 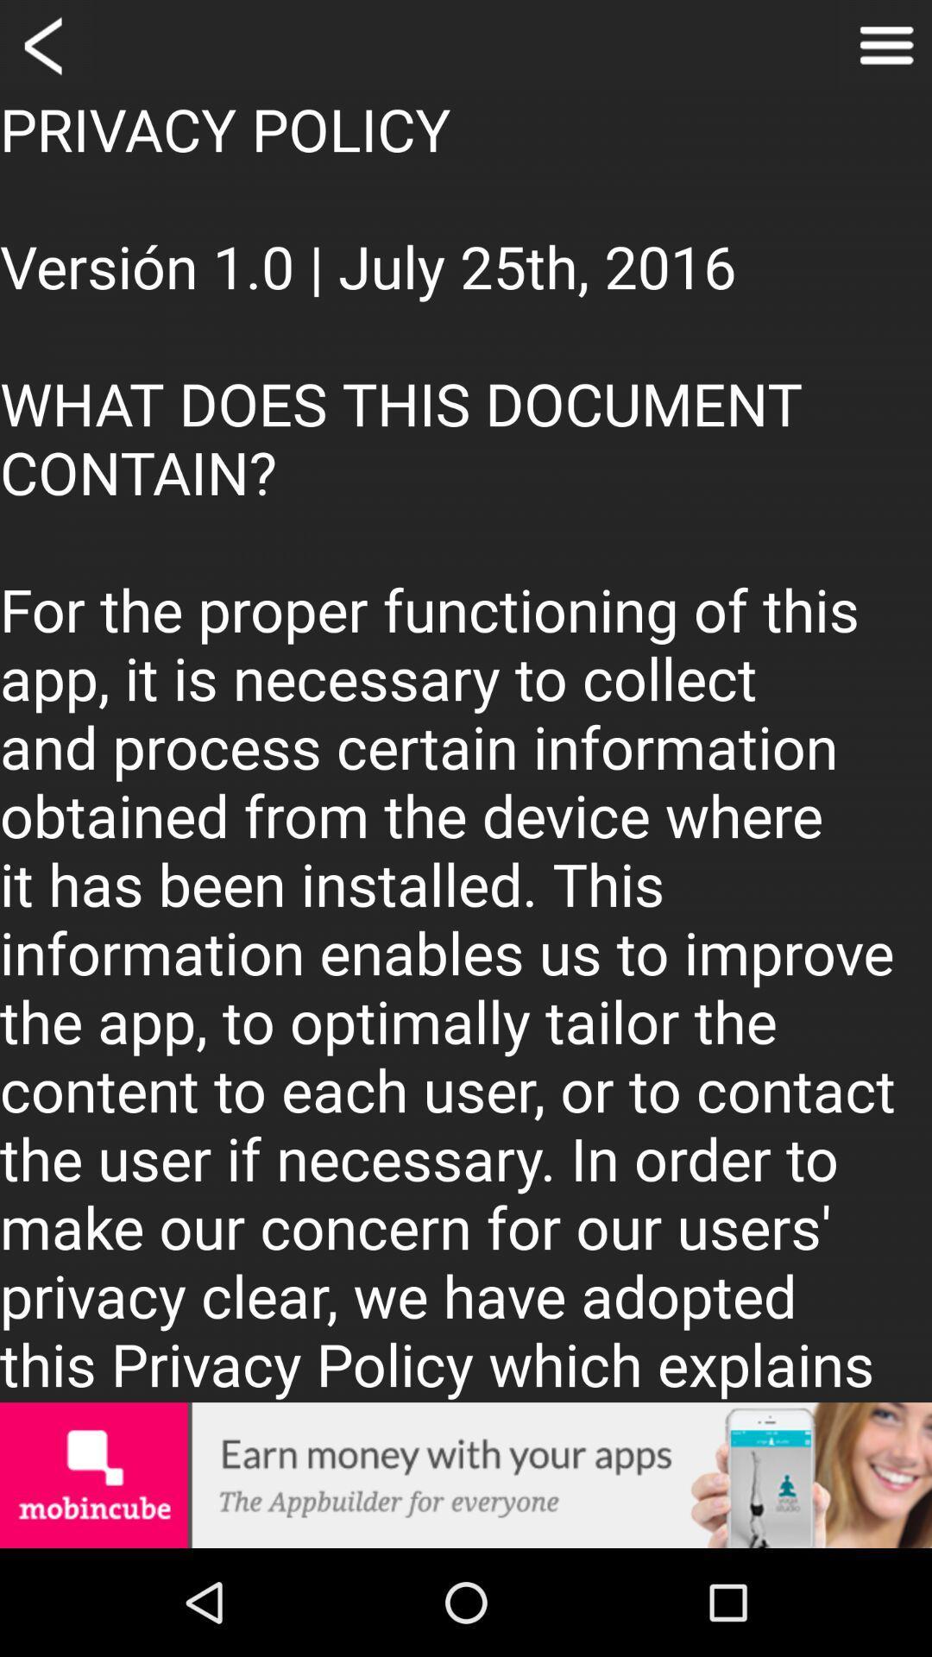 I want to click on the menu icon, so click(x=885, y=47).